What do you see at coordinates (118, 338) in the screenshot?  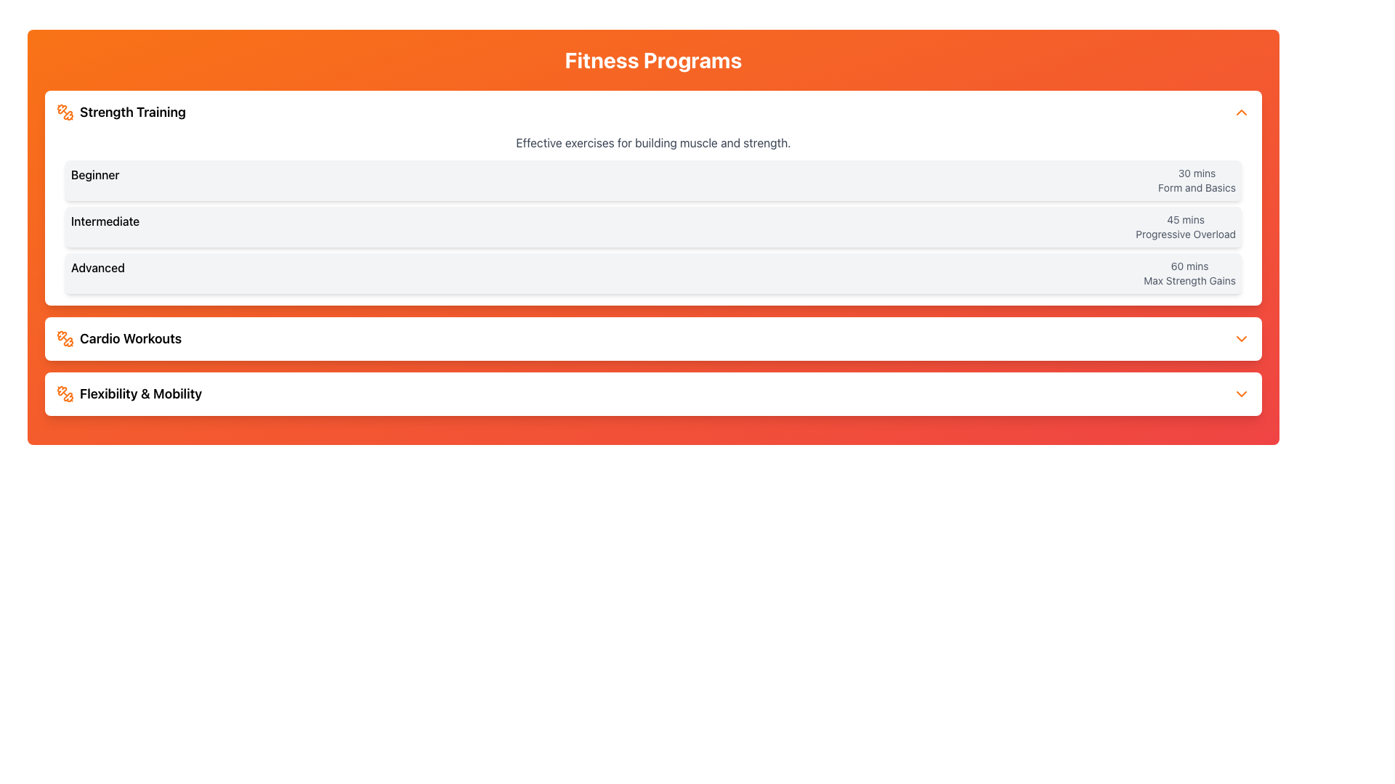 I see `the 'Cardio Workouts' text label with an orange dumbbell icon for navigation` at bounding box center [118, 338].